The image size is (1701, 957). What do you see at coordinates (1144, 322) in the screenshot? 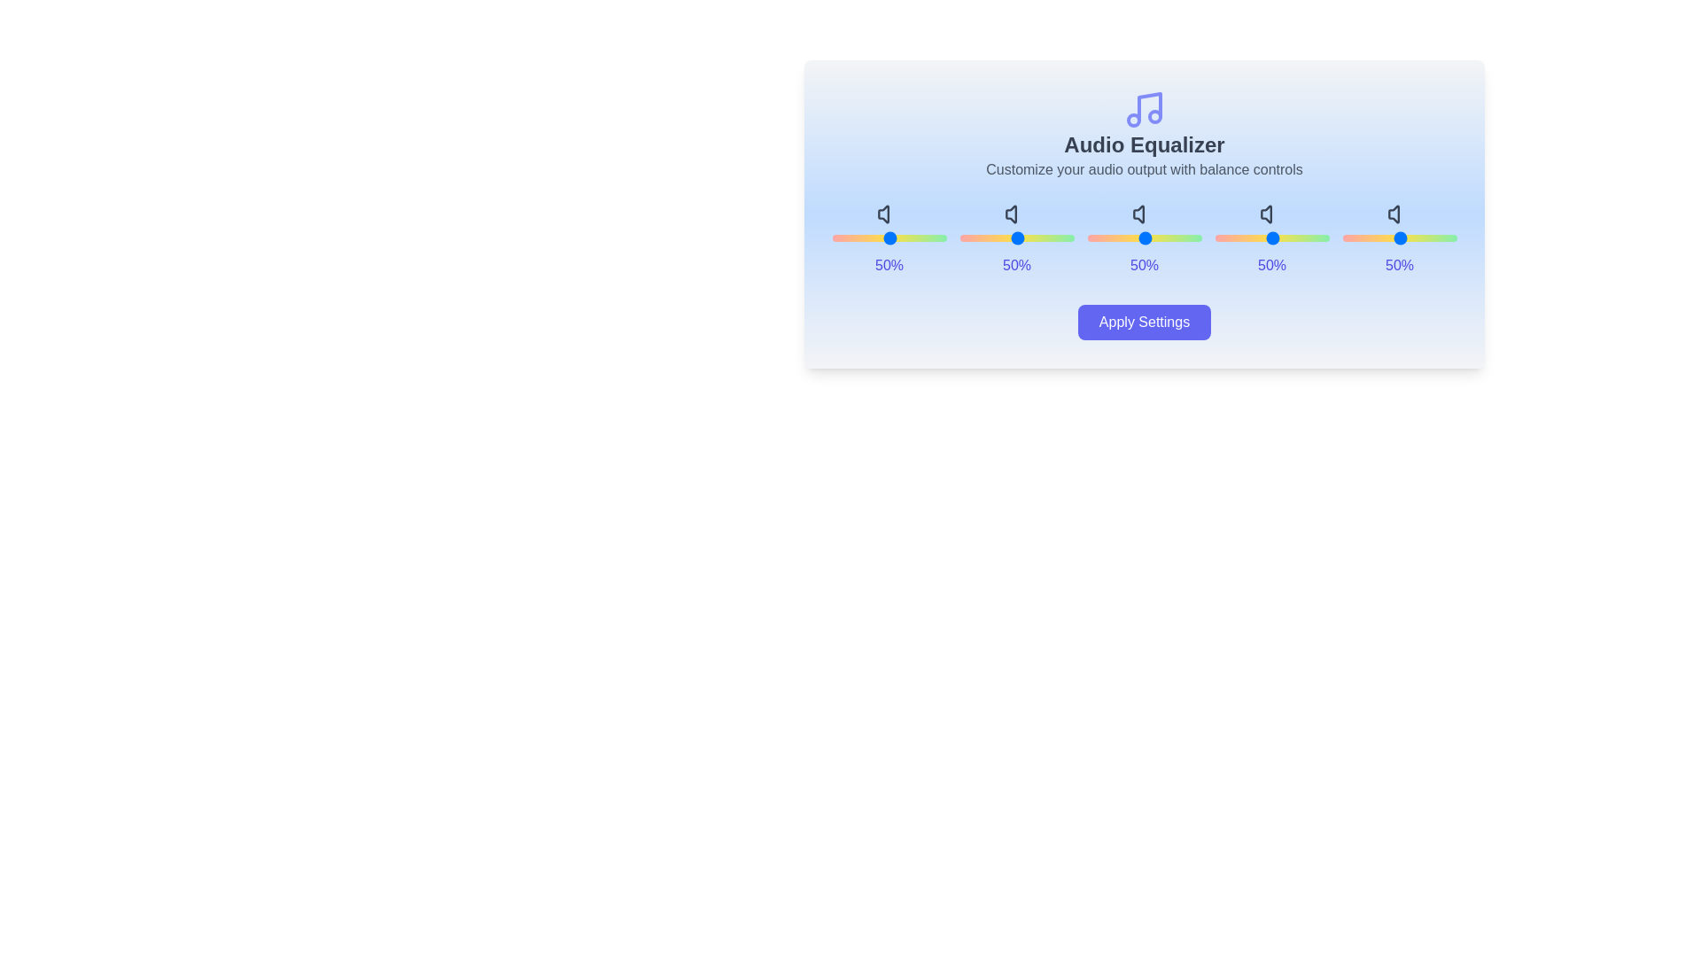
I see `the 'Apply Settings' button` at bounding box center [1144, 322].